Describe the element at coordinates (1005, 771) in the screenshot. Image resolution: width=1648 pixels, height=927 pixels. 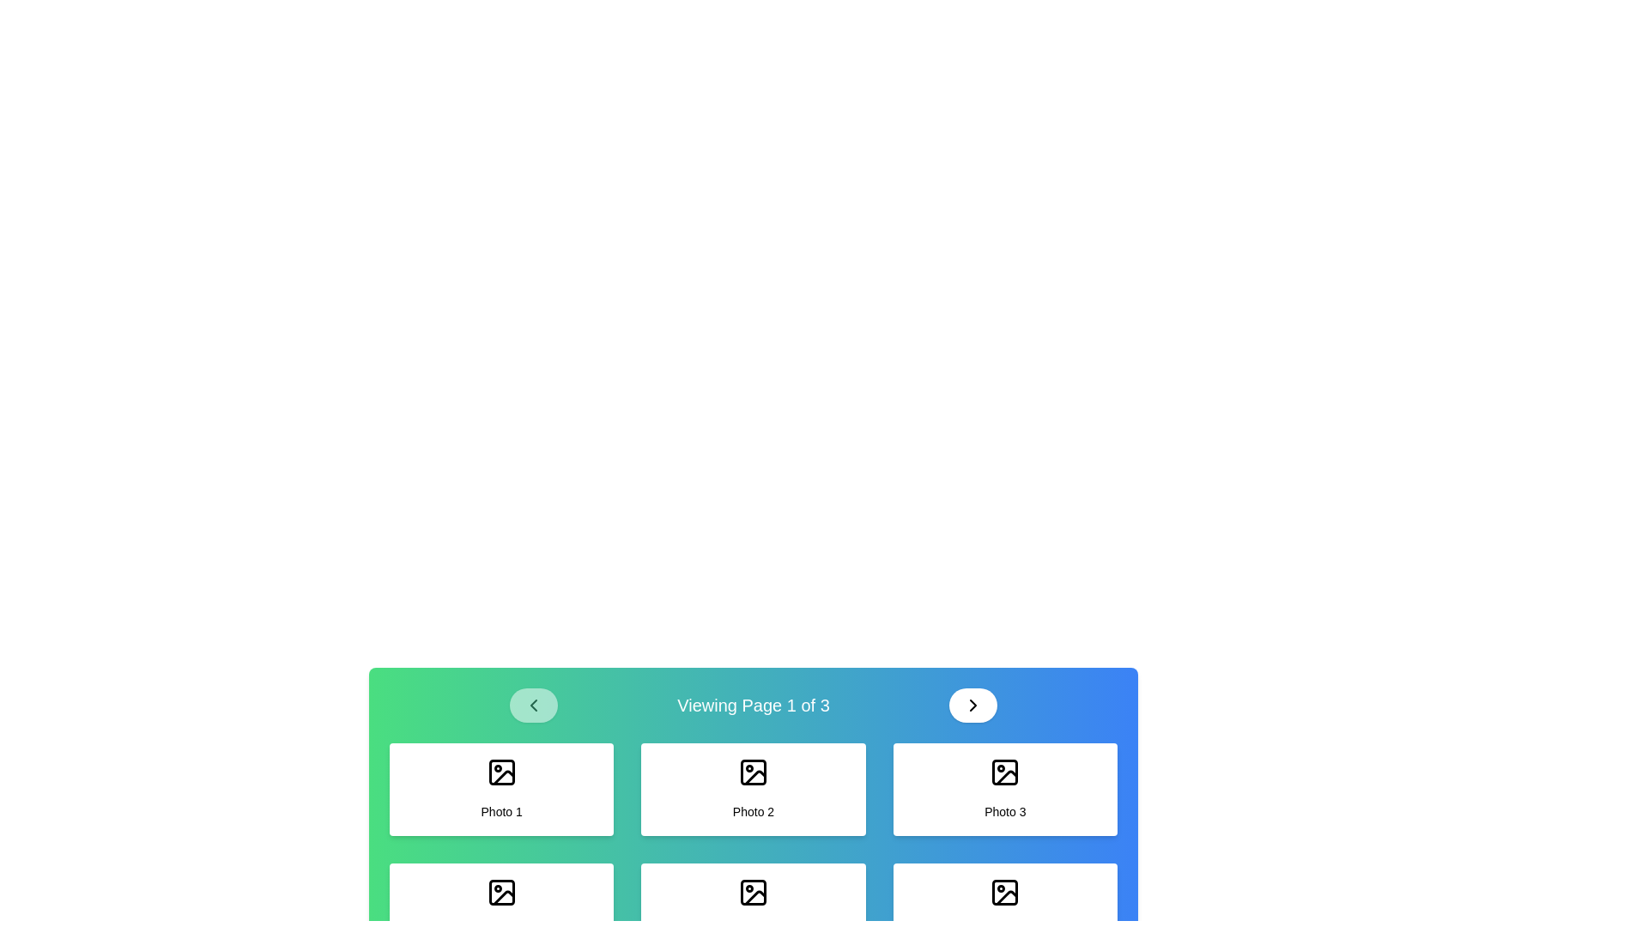
I see `the decorative icon representing an image at the top of the white card labeled 'Photo 3', which is the rightmost card in a horizontally aligned set of three cards` at that location.